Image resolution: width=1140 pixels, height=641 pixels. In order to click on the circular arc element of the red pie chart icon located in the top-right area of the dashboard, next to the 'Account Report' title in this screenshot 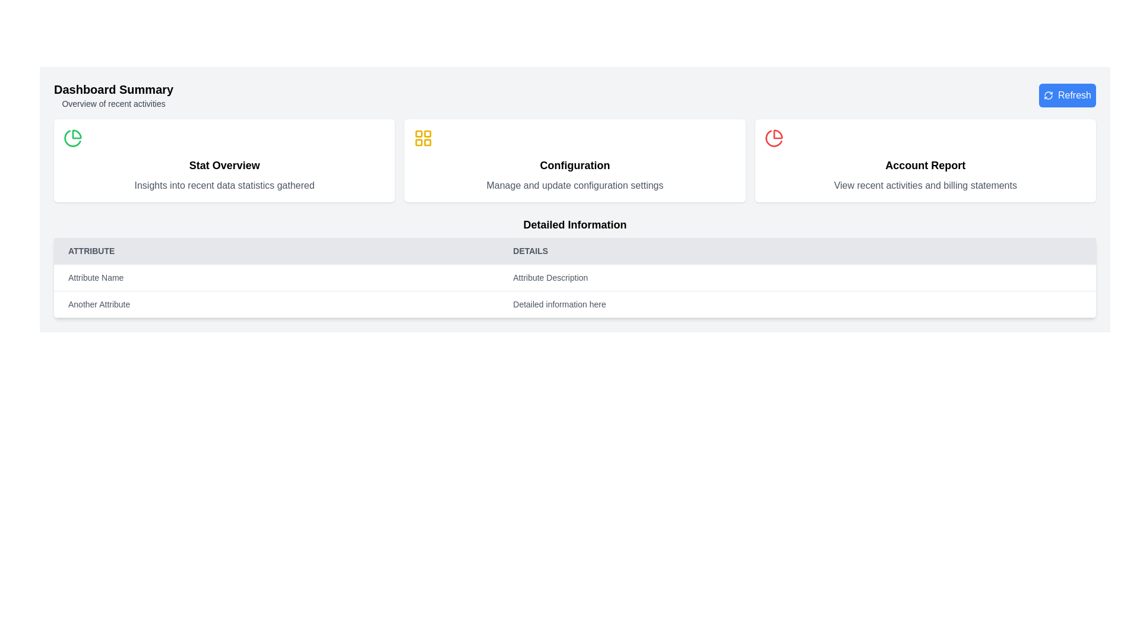, I will do `click(774, 138)`.